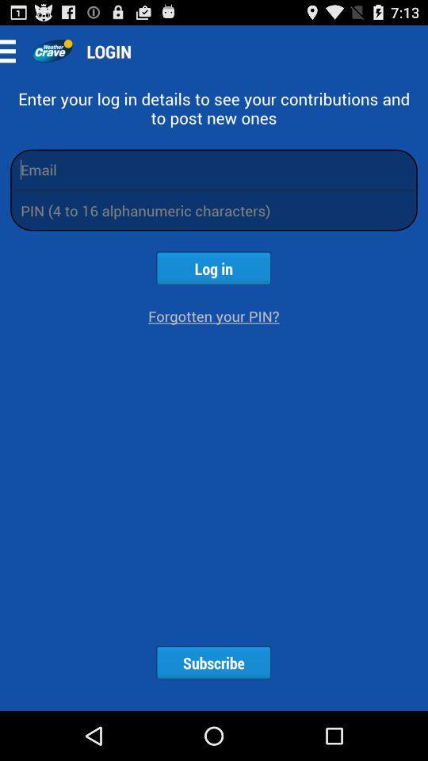  Describe the element at coordinates (214, 209) in the screenshot. I see `type in pin code` at that location.